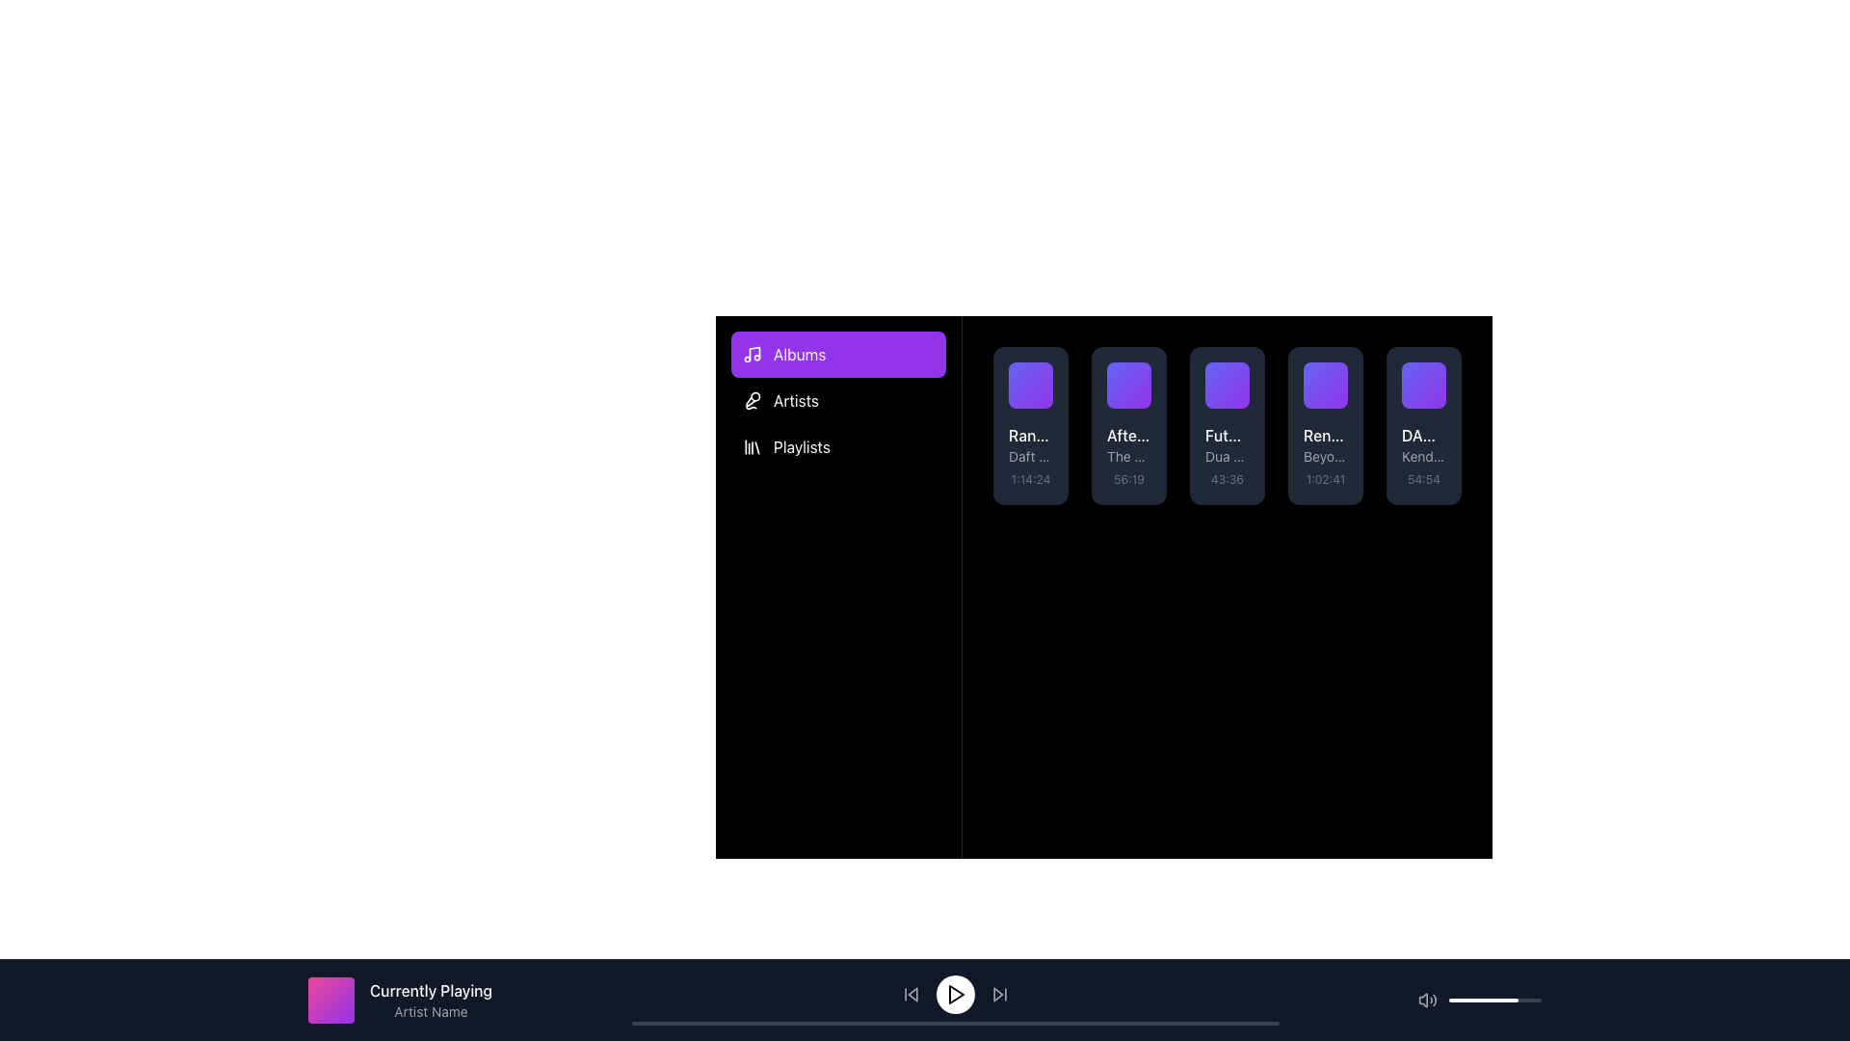 Image resolution: width=1850 pixels, height=1041 pixels. Describe the element at coordinates (1040, 374) in the screenshot. I see `the button located at the top-right corner of the first album card, overlaying the album thumbnail image` at that location.